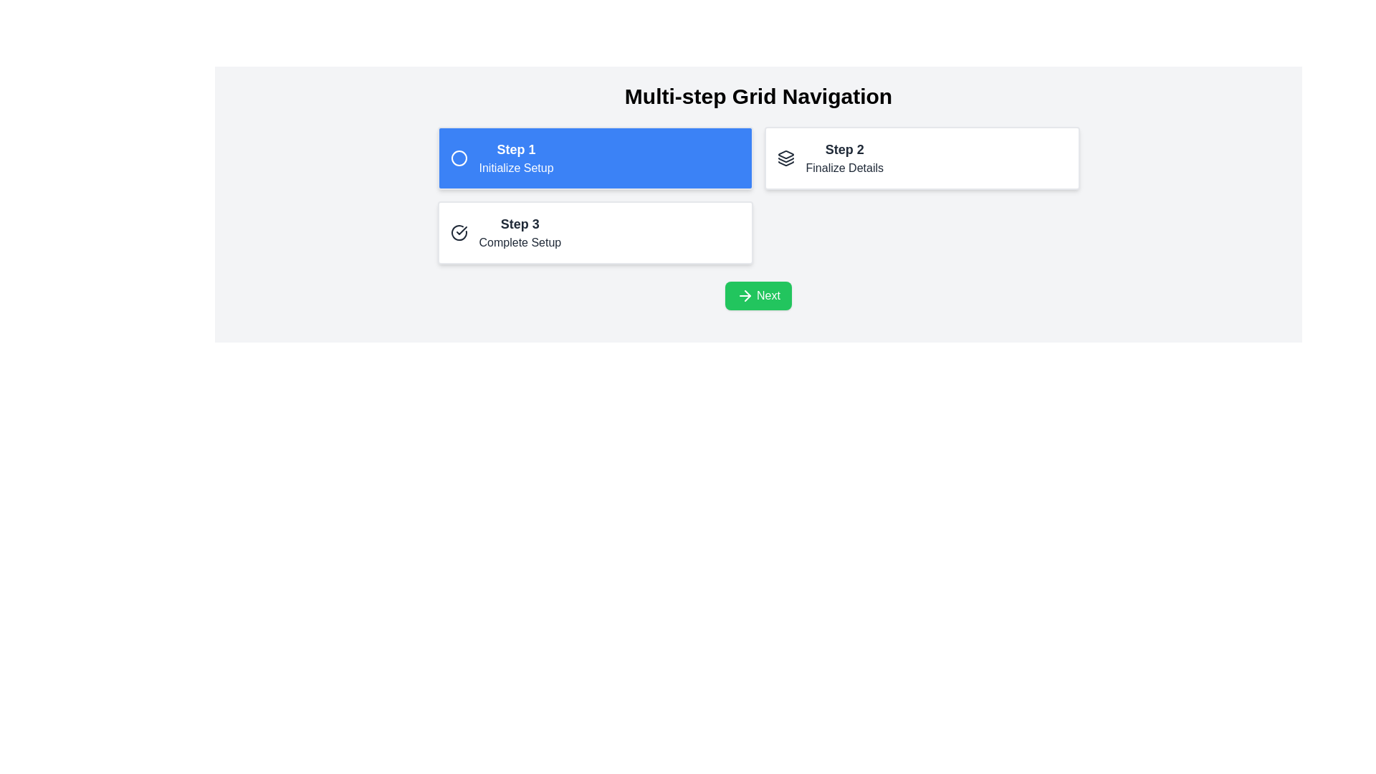 The height and width of the screenshot is (774, 1376). I want to click on the text label reading 'Initialize Setup' located in the blue rectangular section associated with 'Step 1' in the multi-step navigation interface, so click(516, 168).